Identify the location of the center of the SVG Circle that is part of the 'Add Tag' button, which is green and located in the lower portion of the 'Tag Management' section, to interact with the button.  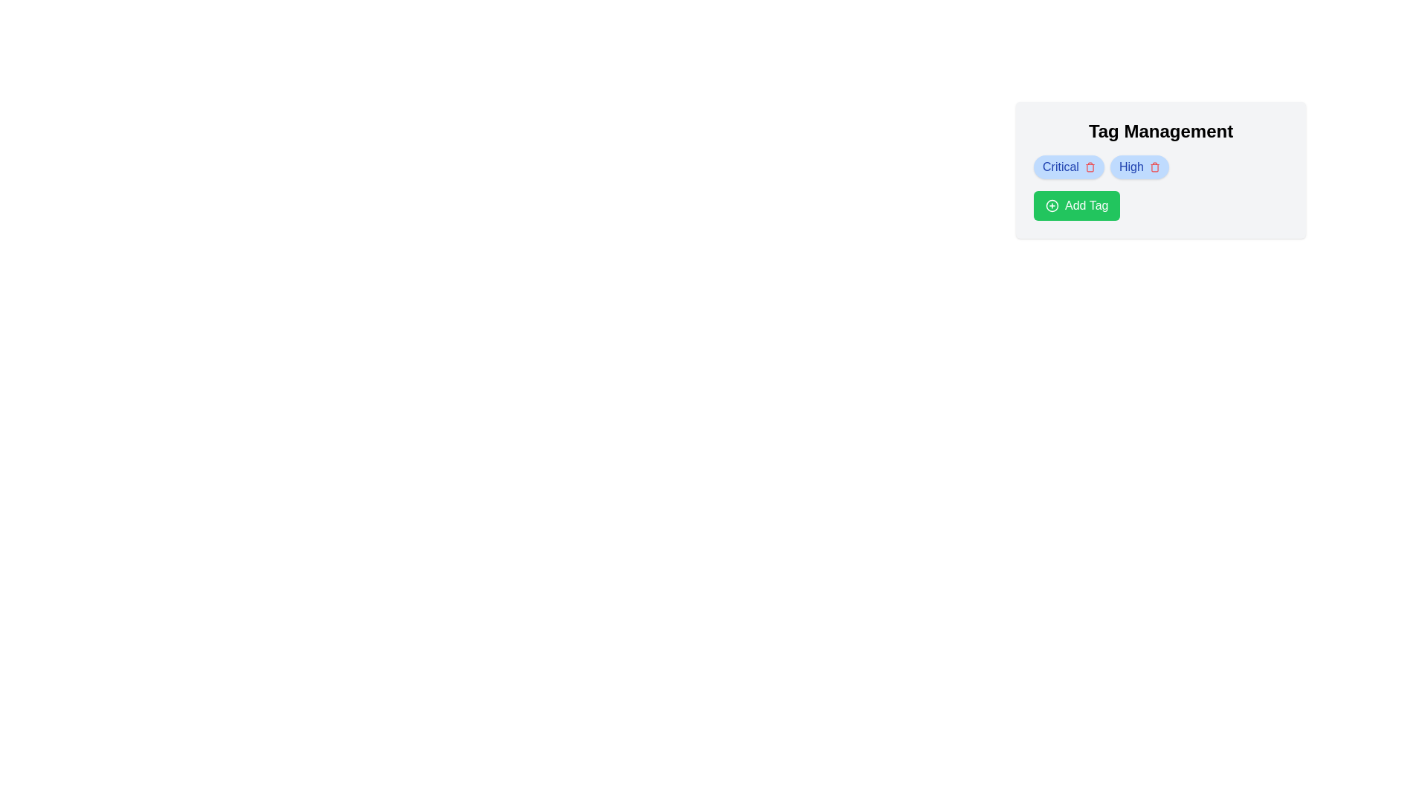
(1052, 206).